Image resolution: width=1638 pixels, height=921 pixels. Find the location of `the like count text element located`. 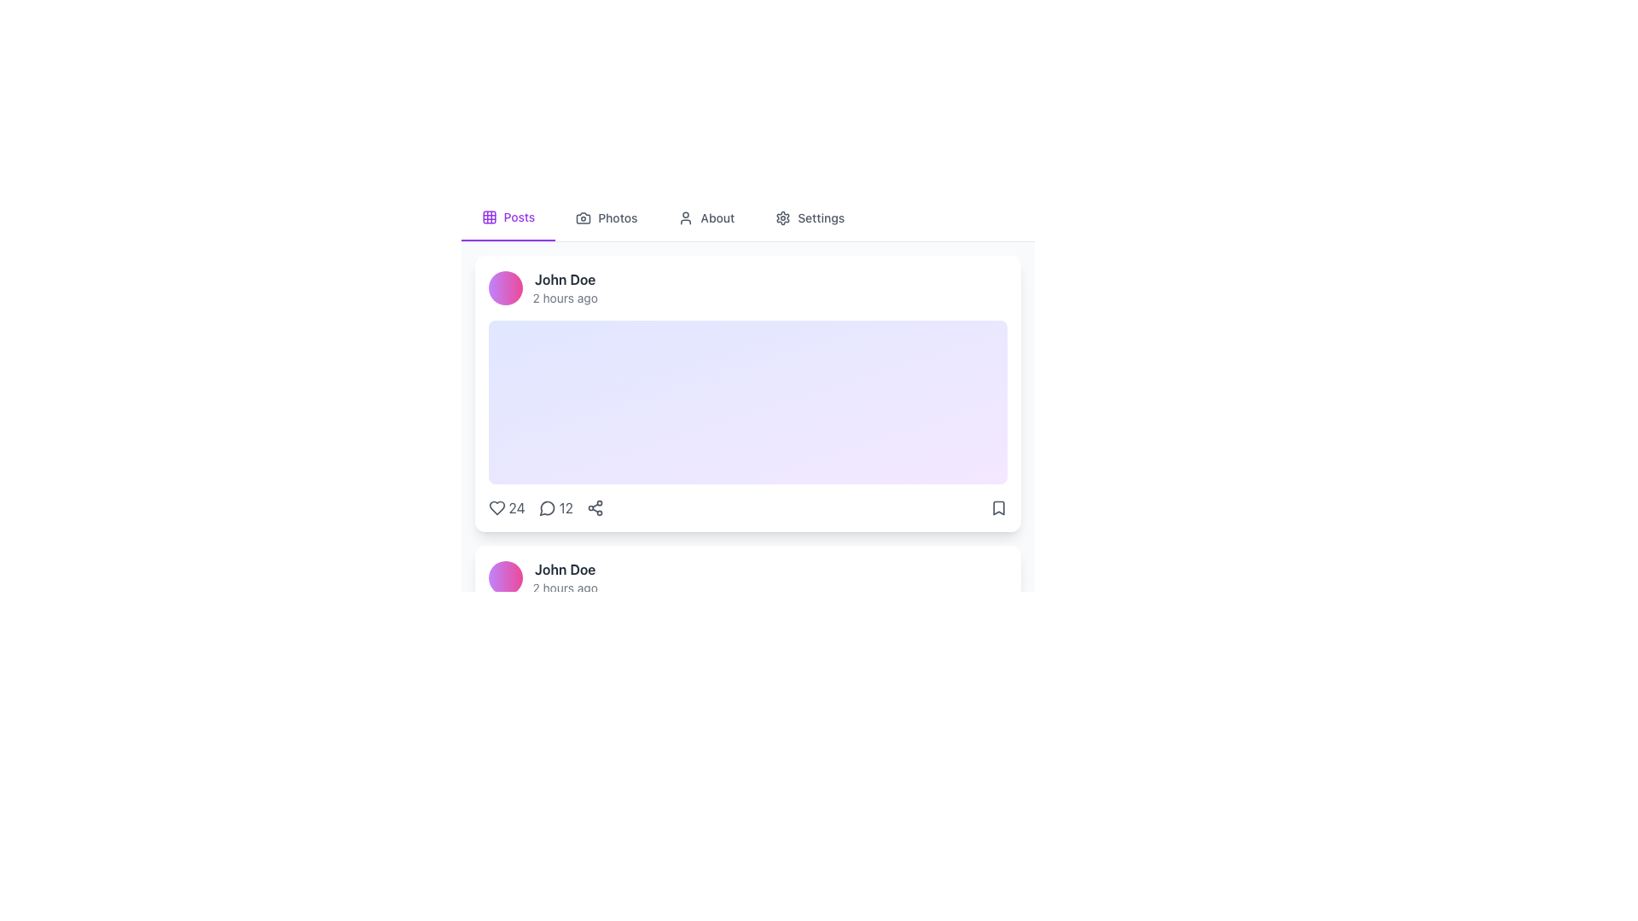

the like count text element located is located at coordinates (506, 507).